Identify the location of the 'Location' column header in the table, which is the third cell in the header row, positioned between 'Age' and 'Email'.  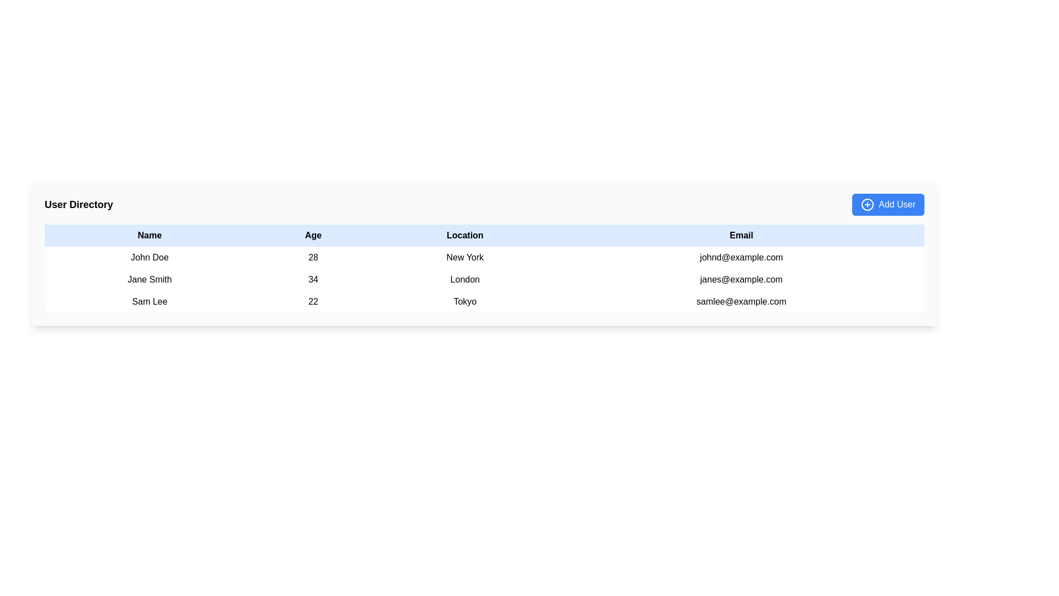
(465, 235).